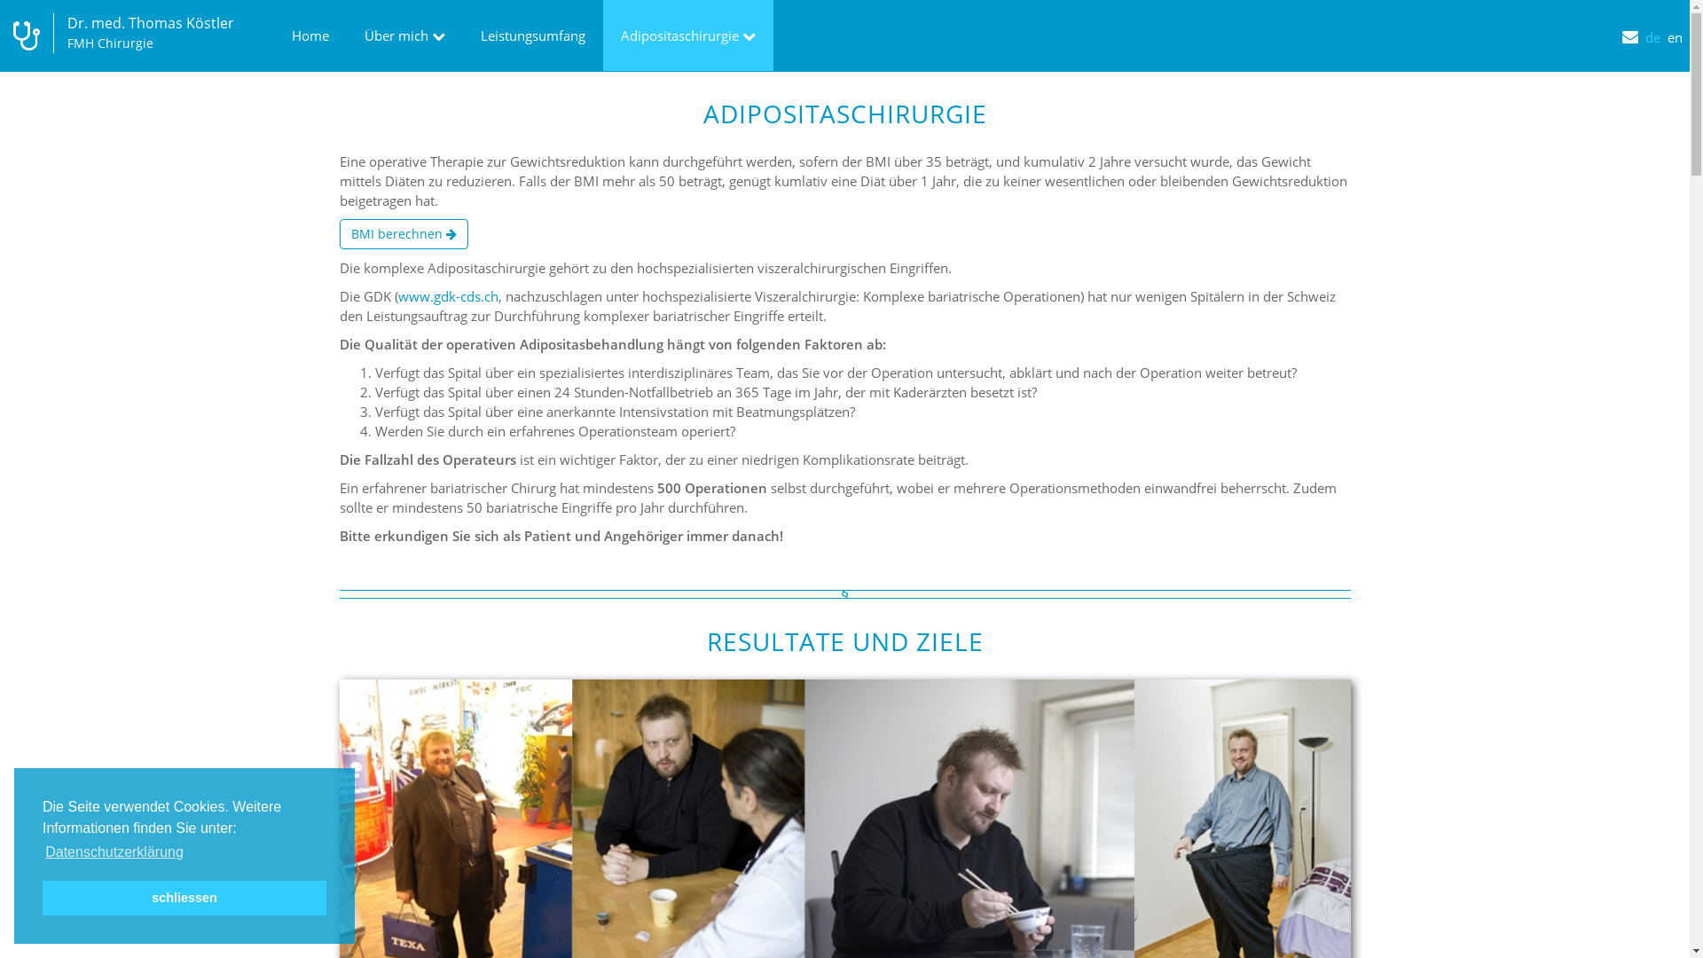 The image size is (1703, 958). What do you see at coordinates (531, 35) in the screenshot?
I see `'Leistungsumfang'` at bounding box center [531, 35].